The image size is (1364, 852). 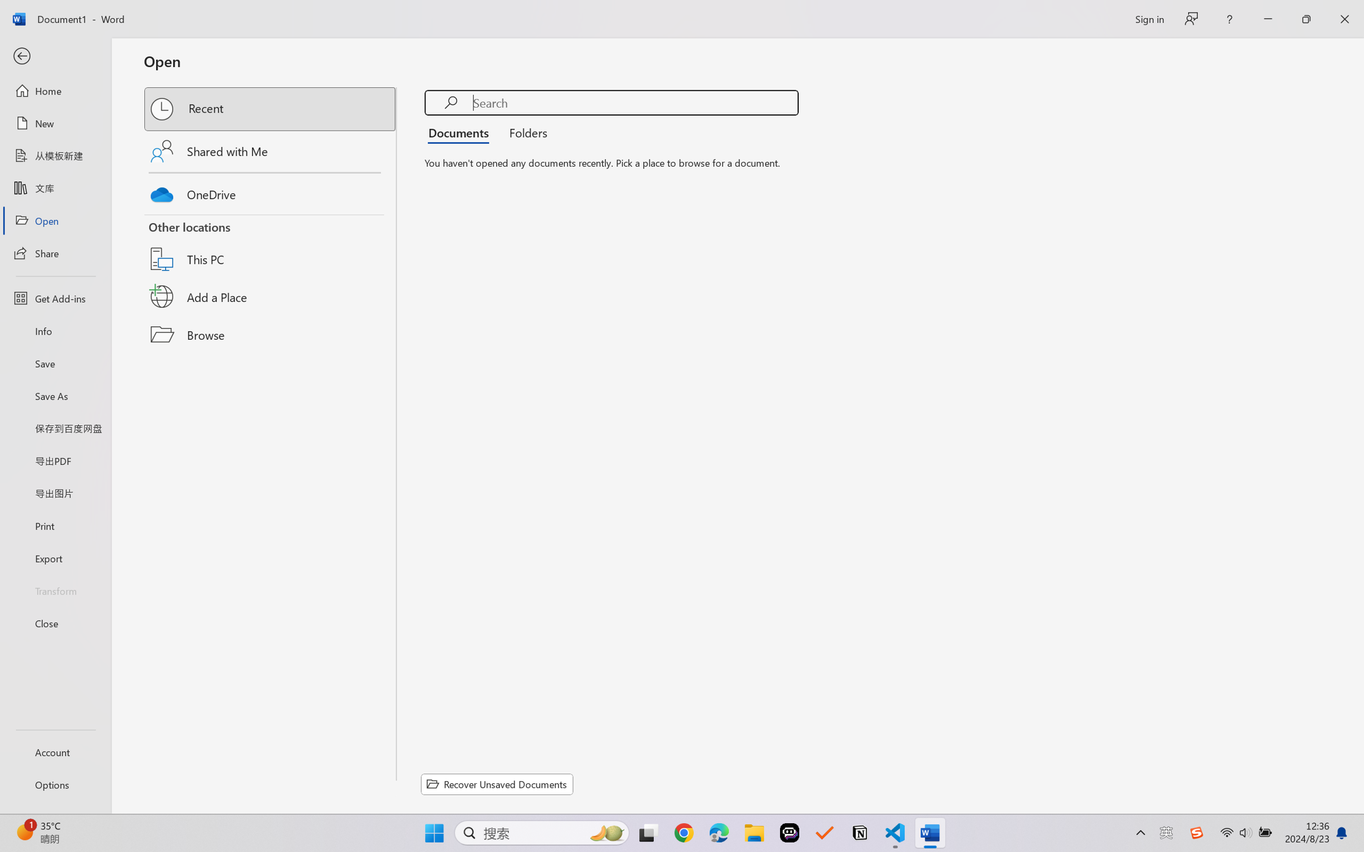 I want to click on 'Folders', so click(x=525, y=131).